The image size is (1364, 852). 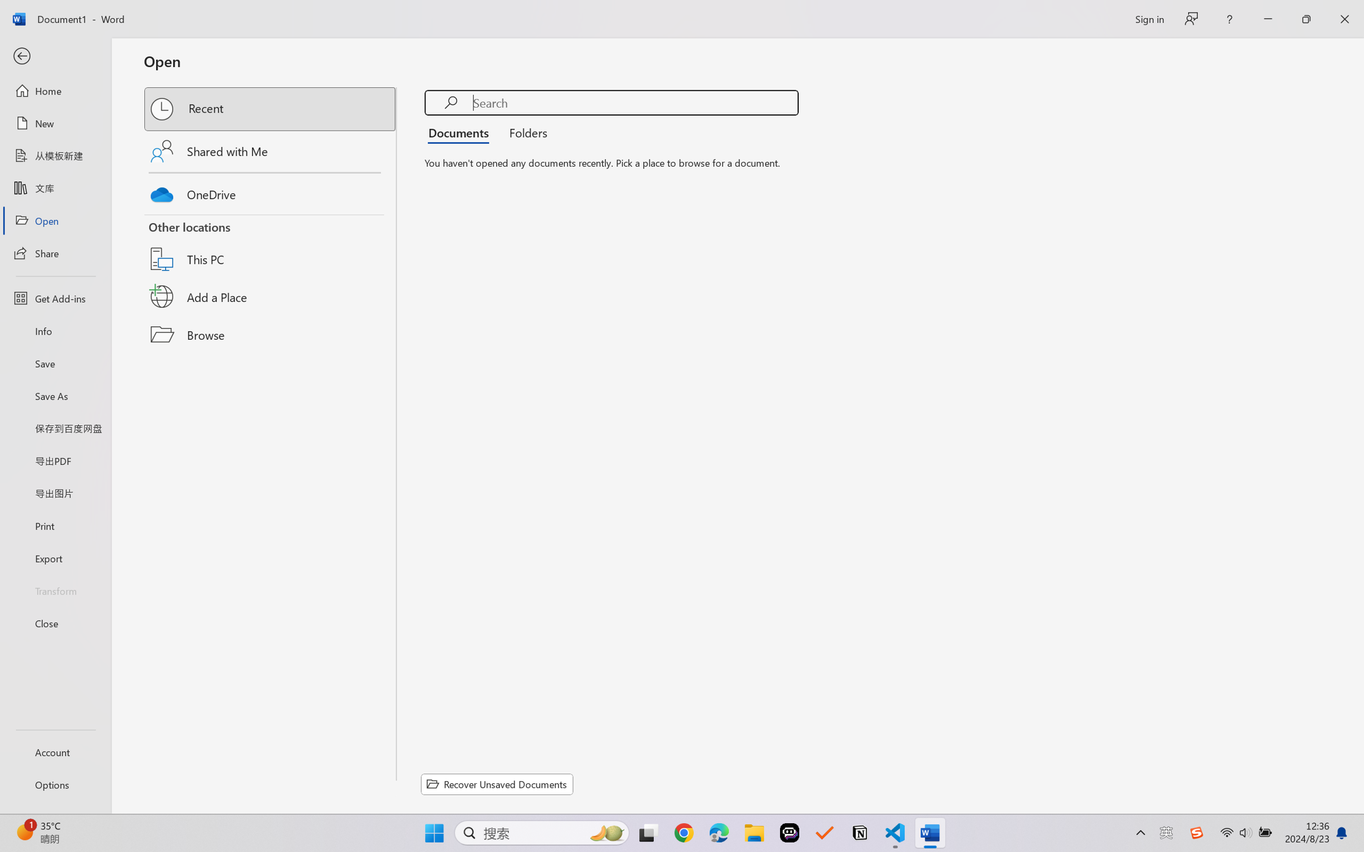 I want to click on 'Folders', so click(x=525, y=131).